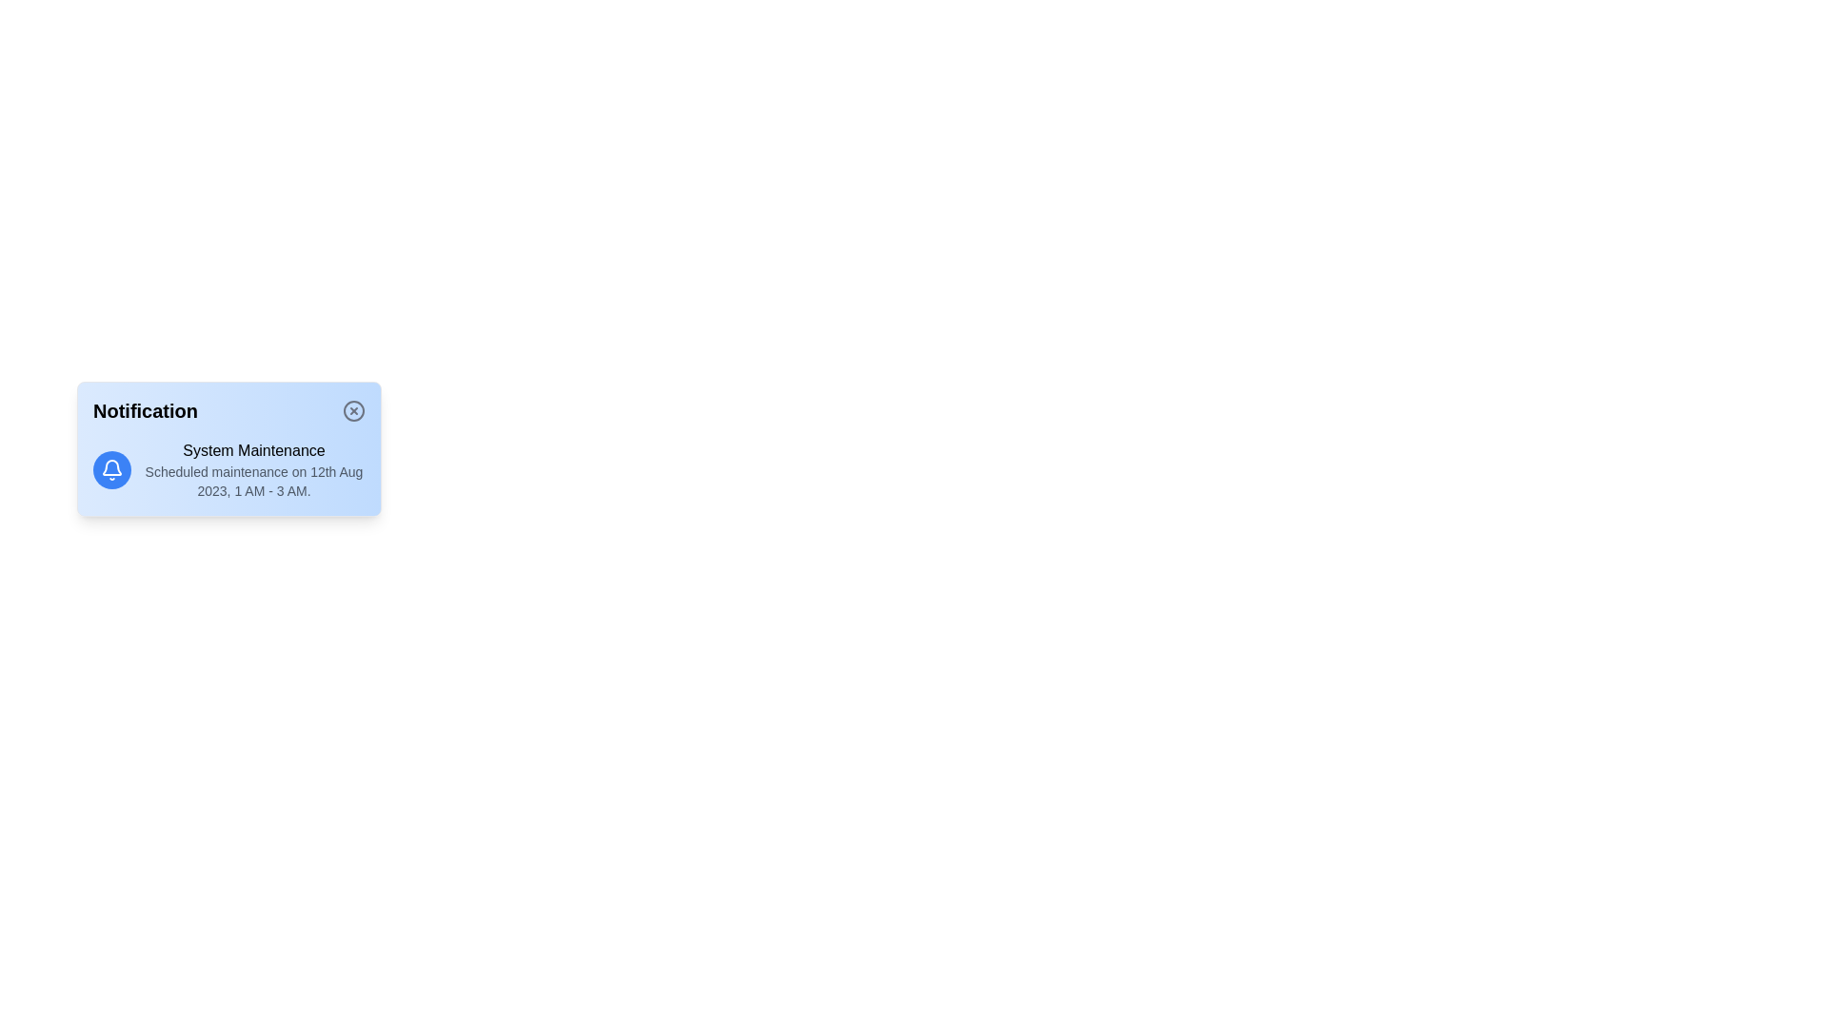 The height and width of the screenshot is (1028, 1828). Describe the element at coordinates (228, 469) in the screenshot. I see `maintenance message from the notification component titled 'System Maintenance' with a description about scheduled maintenance` at that location.